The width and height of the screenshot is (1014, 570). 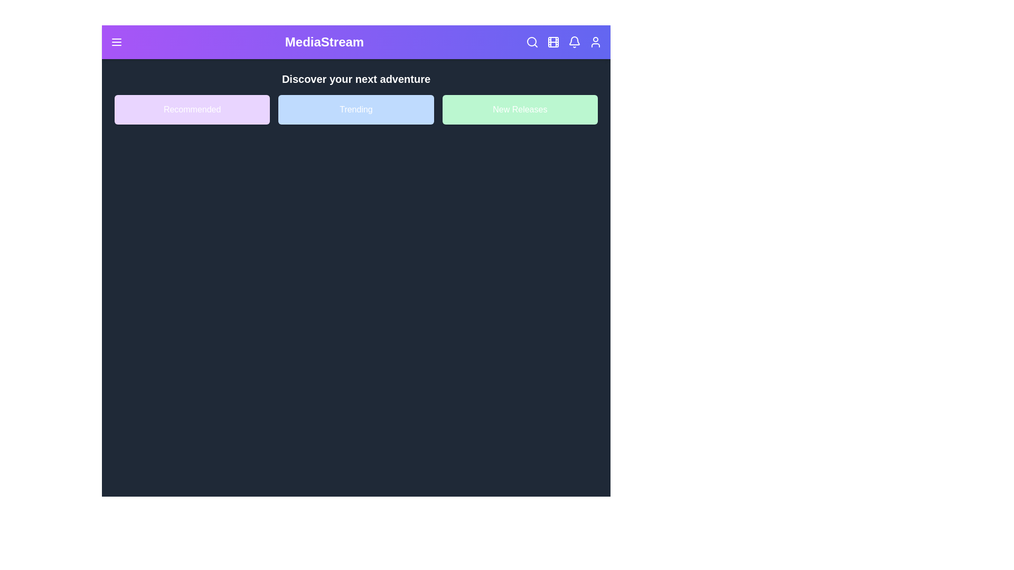 I want to click on the user icon to access user options, so click(x=596, y=42).